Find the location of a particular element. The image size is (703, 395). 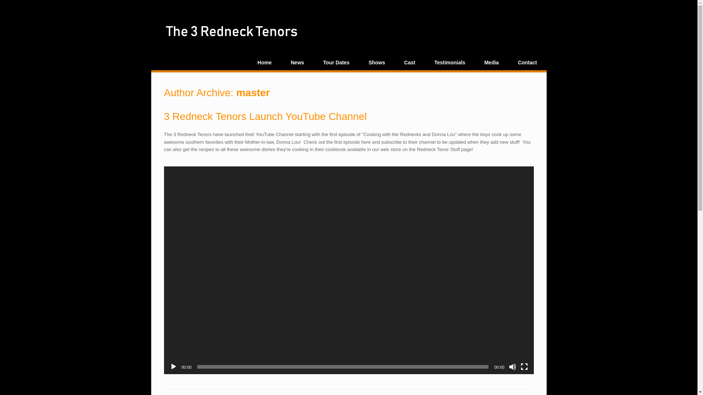

'3 Redneck Tenors' is located at coordinates (231, 30).